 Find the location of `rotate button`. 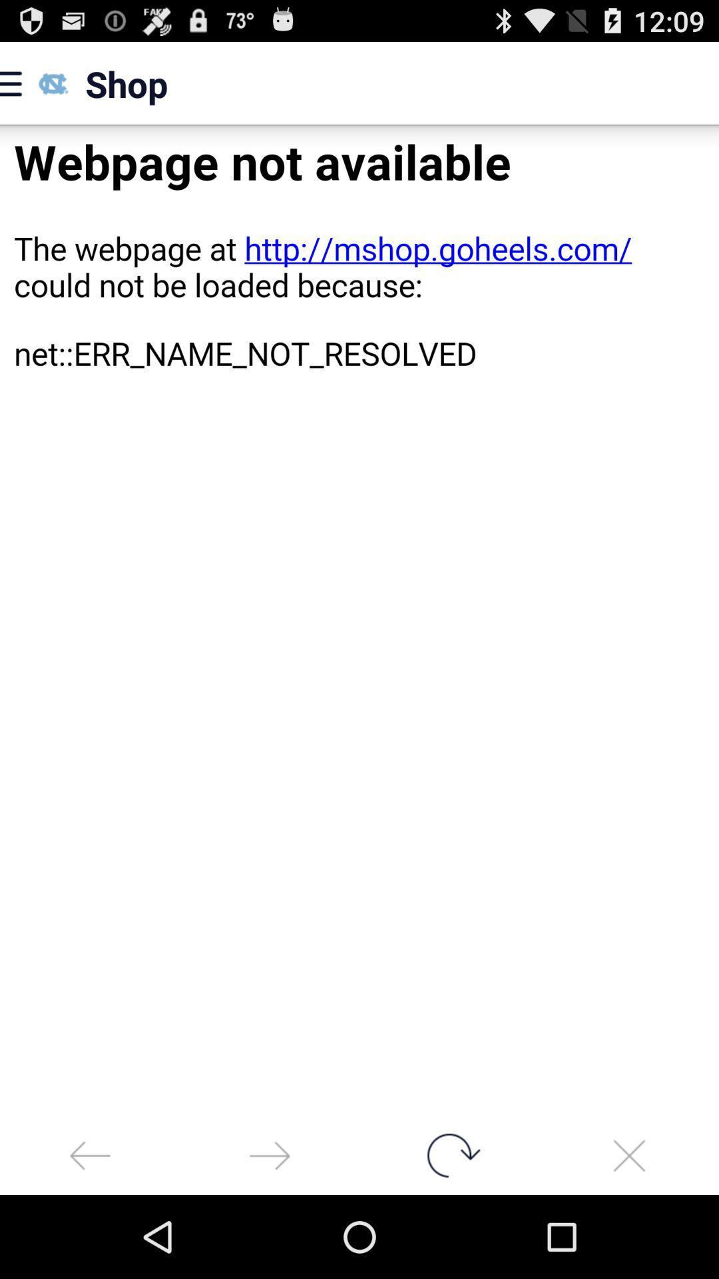

rotate button is located at coordinates (449, 1154).